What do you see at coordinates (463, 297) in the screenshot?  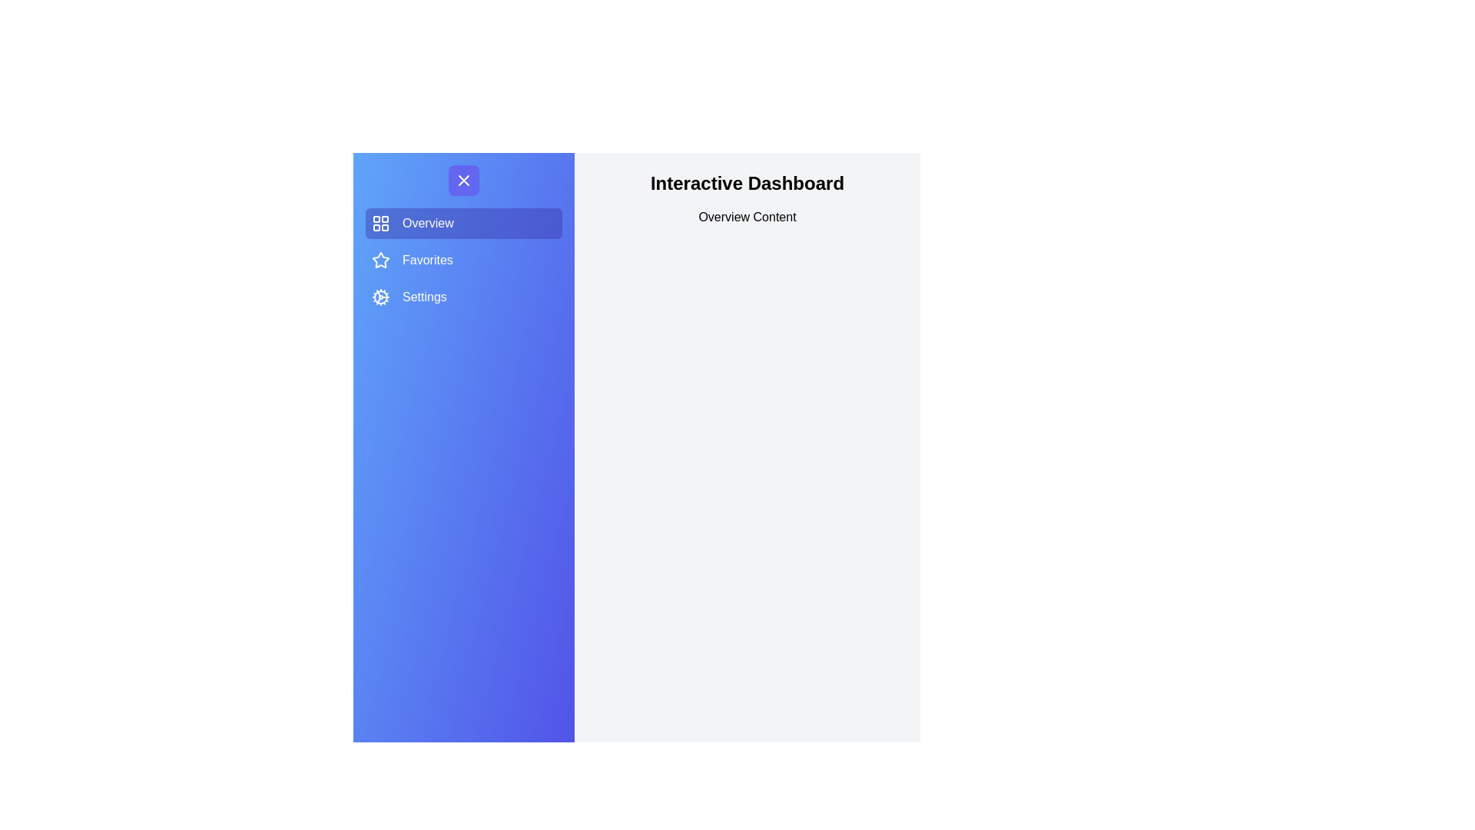 I see `the menu item labeled Settings to observe its hover effect` at bounding box center [463, 297].